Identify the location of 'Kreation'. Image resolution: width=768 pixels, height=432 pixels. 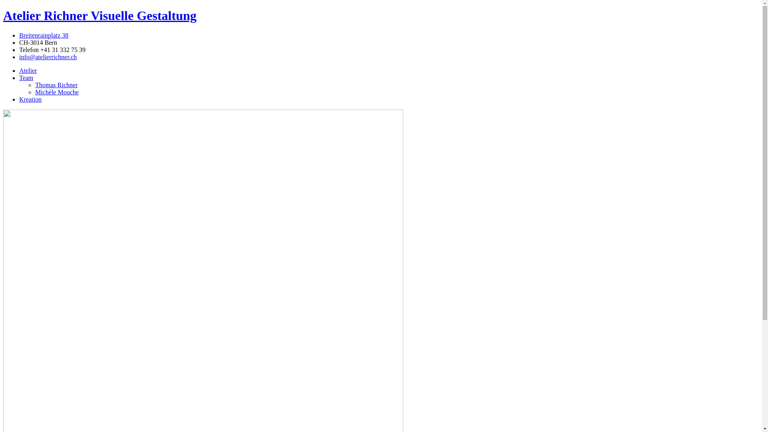
(19, 99).